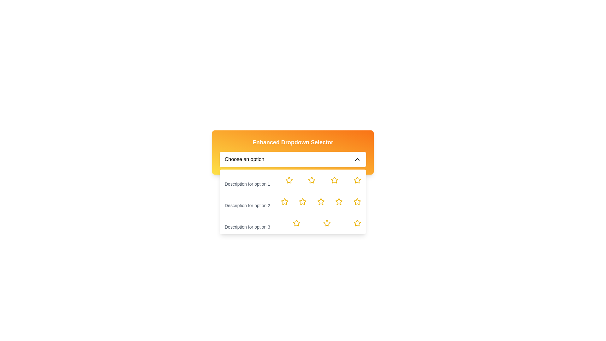 The width and height of the screenshot is (606, 341). Describe the element at coordinates (247, 184) in the screenshot. I see `the Text label that provides additional context for the first option in the dropdown menu positioned below 'Option 1'` at that location.